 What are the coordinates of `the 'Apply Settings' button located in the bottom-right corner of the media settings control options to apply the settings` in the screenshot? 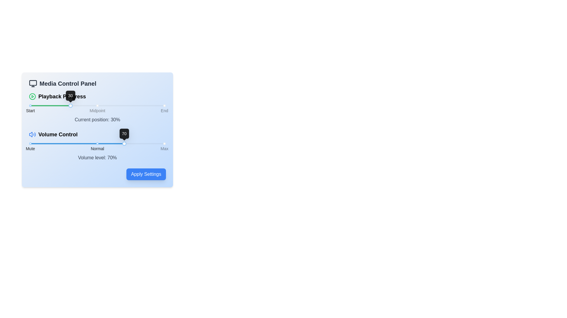 It's located at (146, 174).